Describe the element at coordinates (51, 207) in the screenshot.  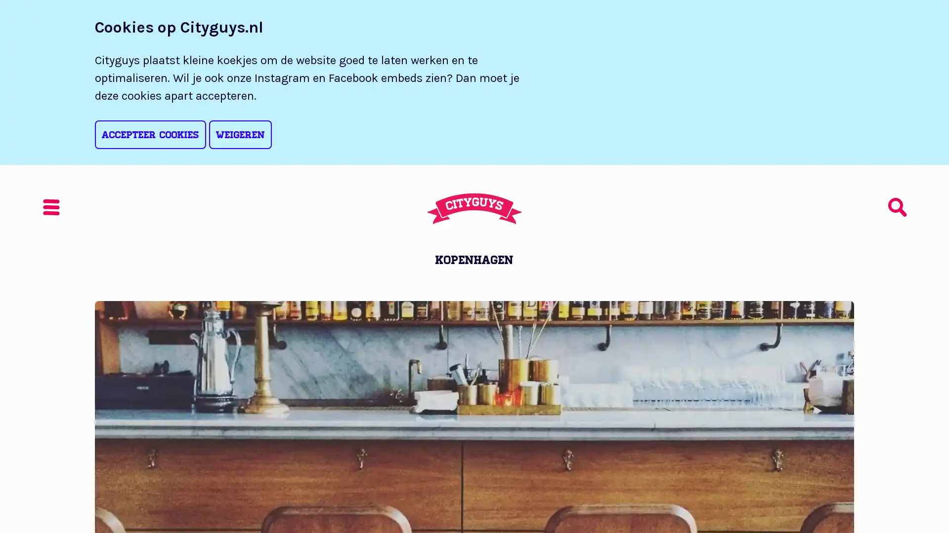
I see `Menu` at that location.